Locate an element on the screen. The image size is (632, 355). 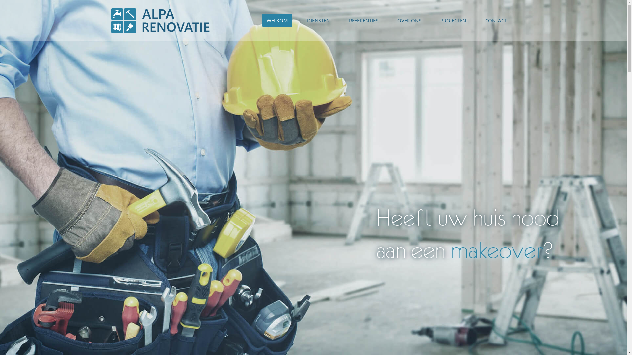
'DIENSTEN' is located at coordinates (318, 20).